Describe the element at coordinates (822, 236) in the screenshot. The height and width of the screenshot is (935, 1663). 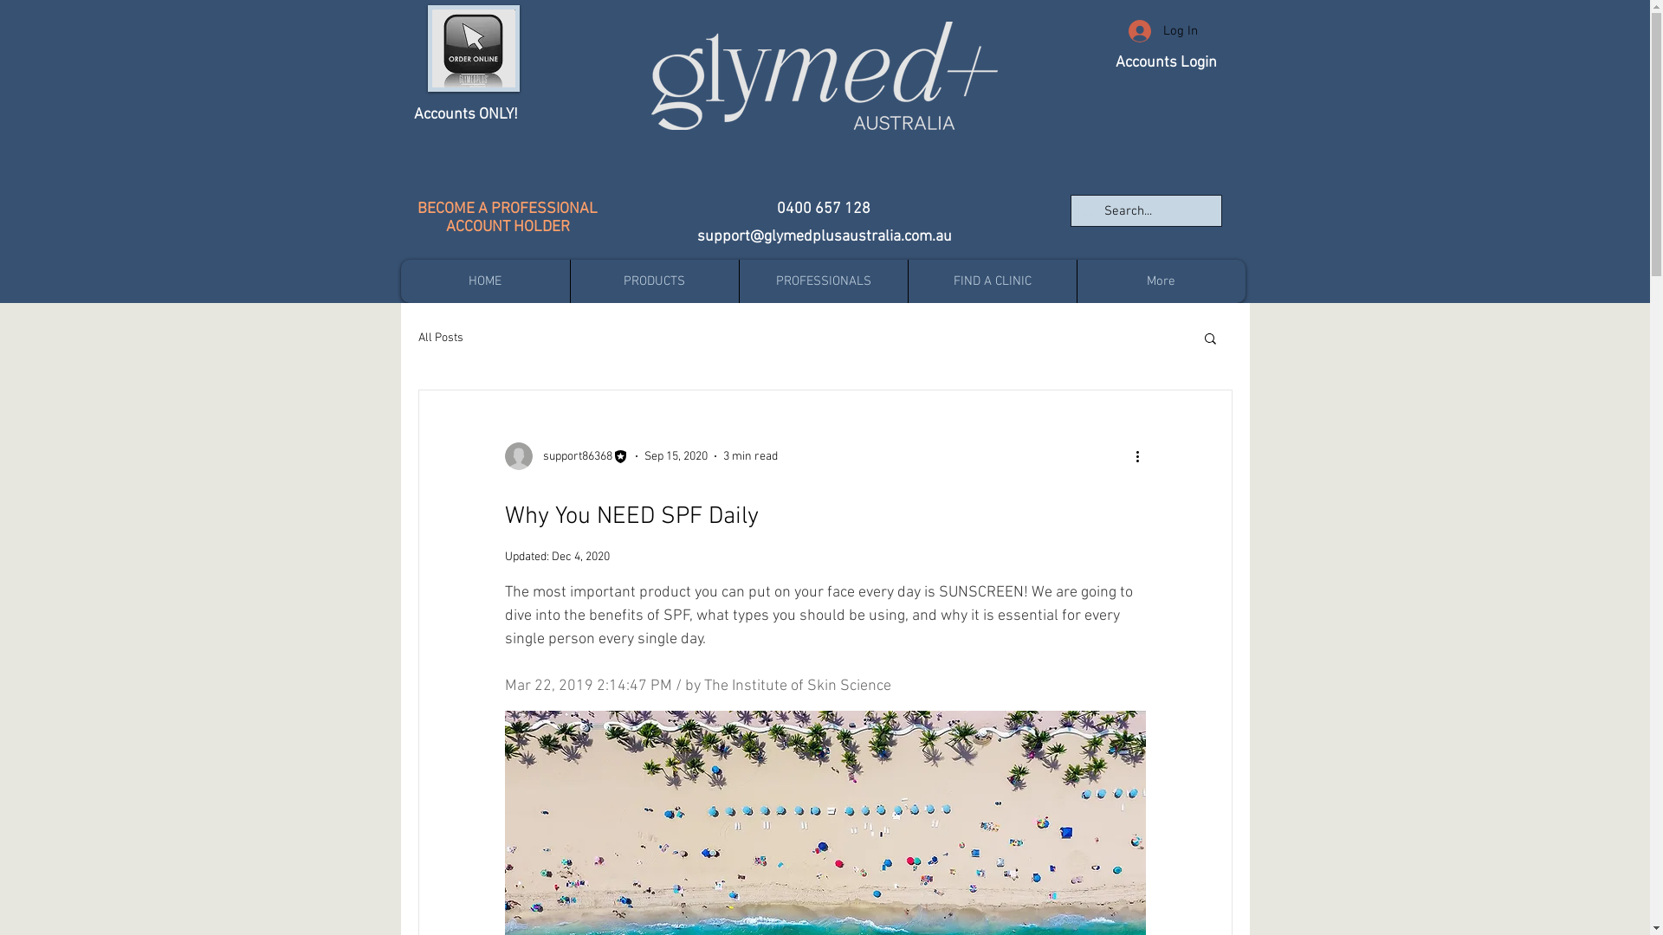
I see `'support@glymedplusaustralia.com.au'` at that location.